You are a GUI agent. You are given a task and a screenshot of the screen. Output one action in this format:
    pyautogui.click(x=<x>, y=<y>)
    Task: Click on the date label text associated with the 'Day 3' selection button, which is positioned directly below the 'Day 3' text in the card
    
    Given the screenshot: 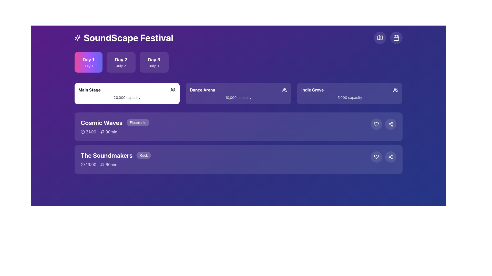 What is the action you would take?
    pyautogui.click(x=154, y=66)
    